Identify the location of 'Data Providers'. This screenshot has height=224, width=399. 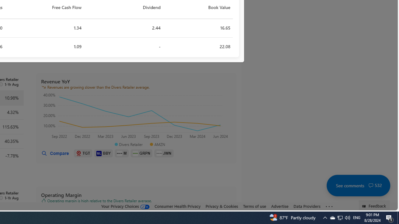
(307, 206).